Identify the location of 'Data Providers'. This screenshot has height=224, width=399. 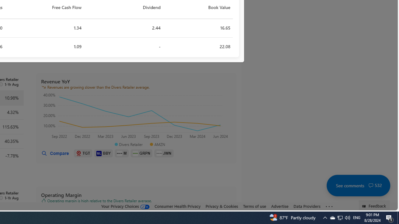
(307, 206).